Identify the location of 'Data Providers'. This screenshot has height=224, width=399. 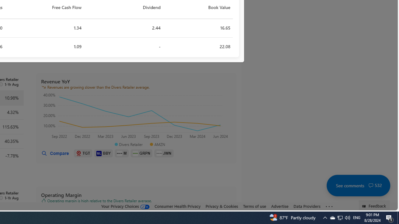
(307, 206).